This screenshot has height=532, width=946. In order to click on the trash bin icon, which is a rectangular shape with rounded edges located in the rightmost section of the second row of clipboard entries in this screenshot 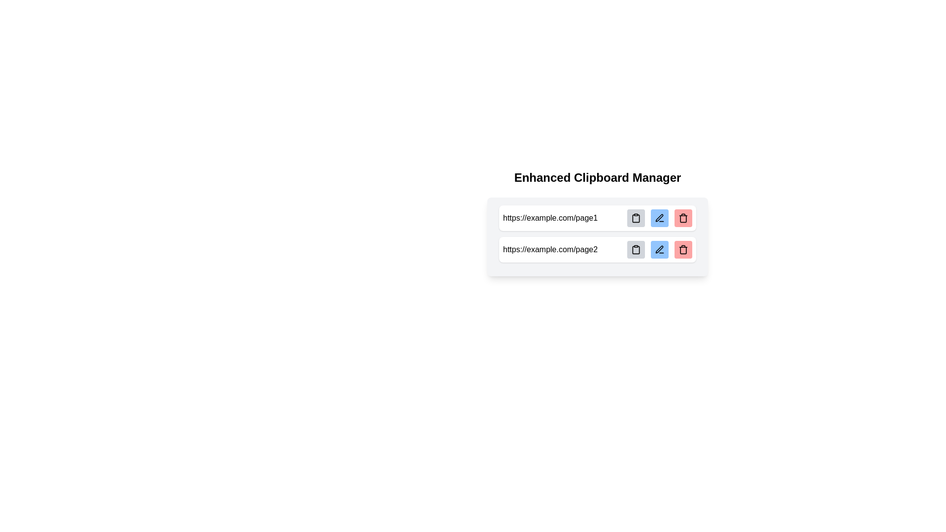, I will do `click(683, 218)`.